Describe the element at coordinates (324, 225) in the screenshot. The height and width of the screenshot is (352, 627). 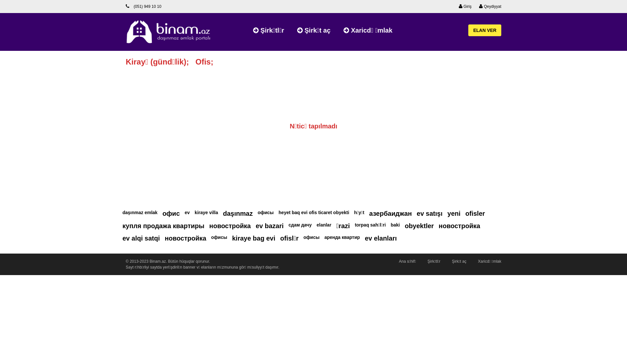
I see `'elanlar'` at that location.